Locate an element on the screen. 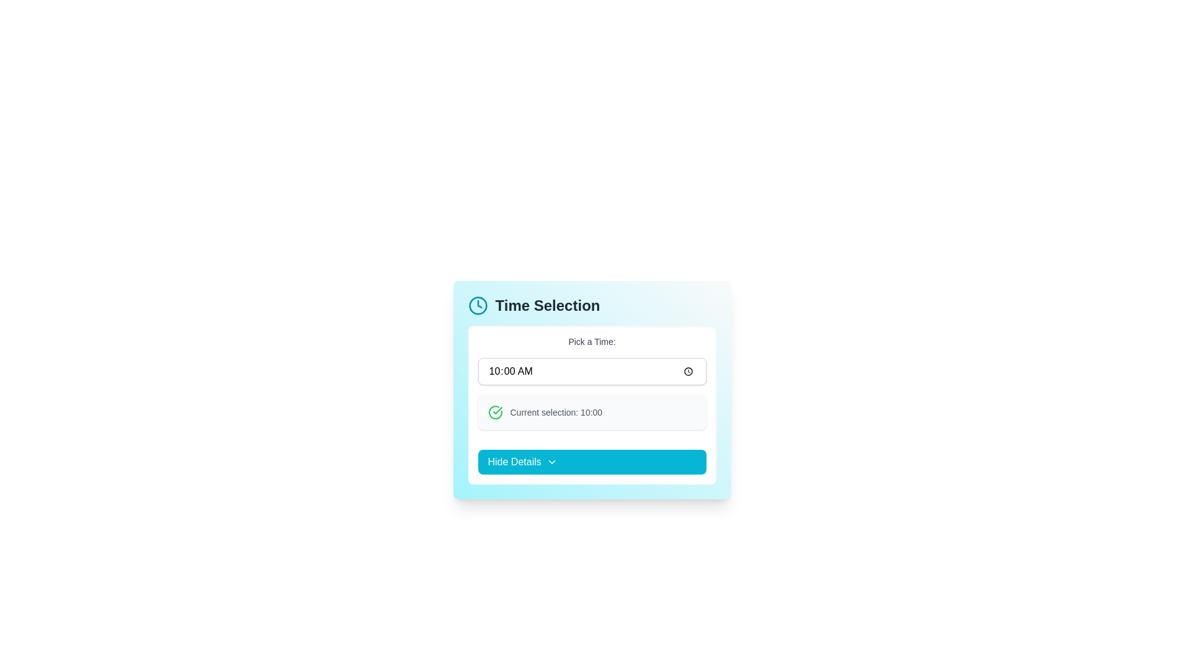 The height and width of the screenshot is (670, 1191). the small downward-pointing triangle icon (chevron down) located beside the 'Hide Details' button is located at coordinates (551, 462).